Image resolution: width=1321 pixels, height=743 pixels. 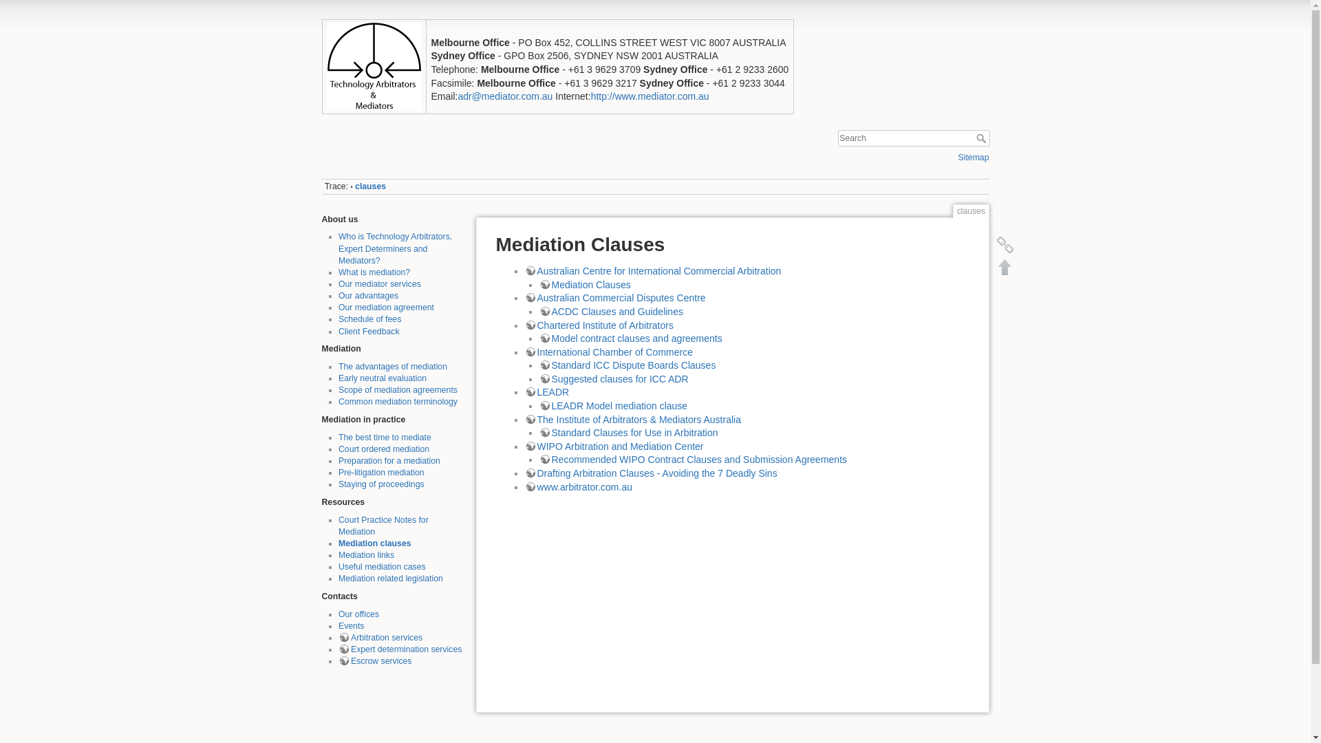 I want to click on 'Our mediation agreement', so click(x=385, y=307).